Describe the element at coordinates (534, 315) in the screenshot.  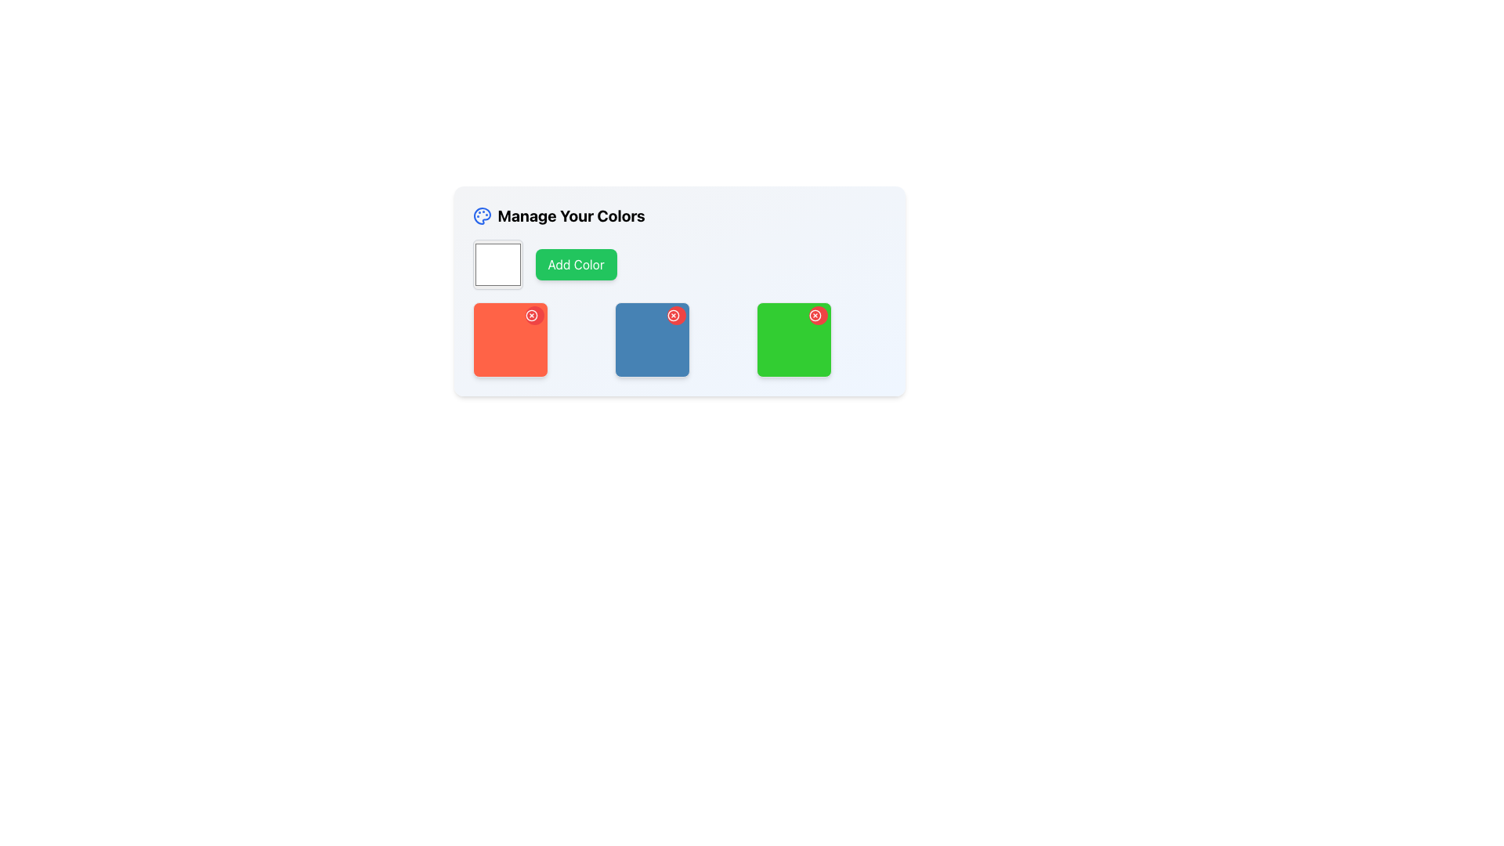
I see `the circular red button with a white 'X' icon inside it, located in the upper right corner of a square tile with a tomato-red background` at that location.